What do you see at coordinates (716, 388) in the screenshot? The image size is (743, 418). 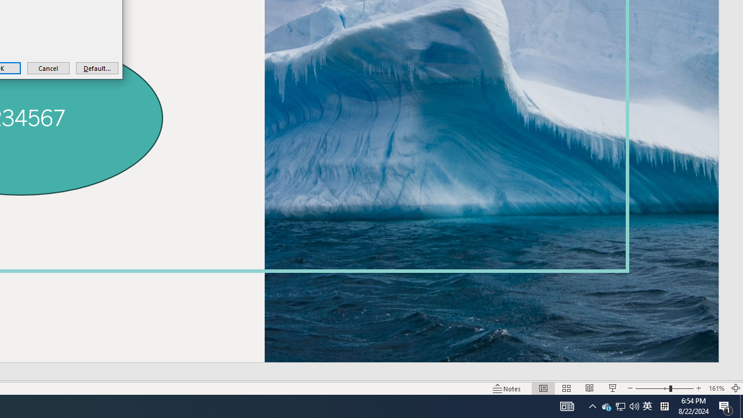 I see `'Zoom 161%'` at bounding box center [716, 388].